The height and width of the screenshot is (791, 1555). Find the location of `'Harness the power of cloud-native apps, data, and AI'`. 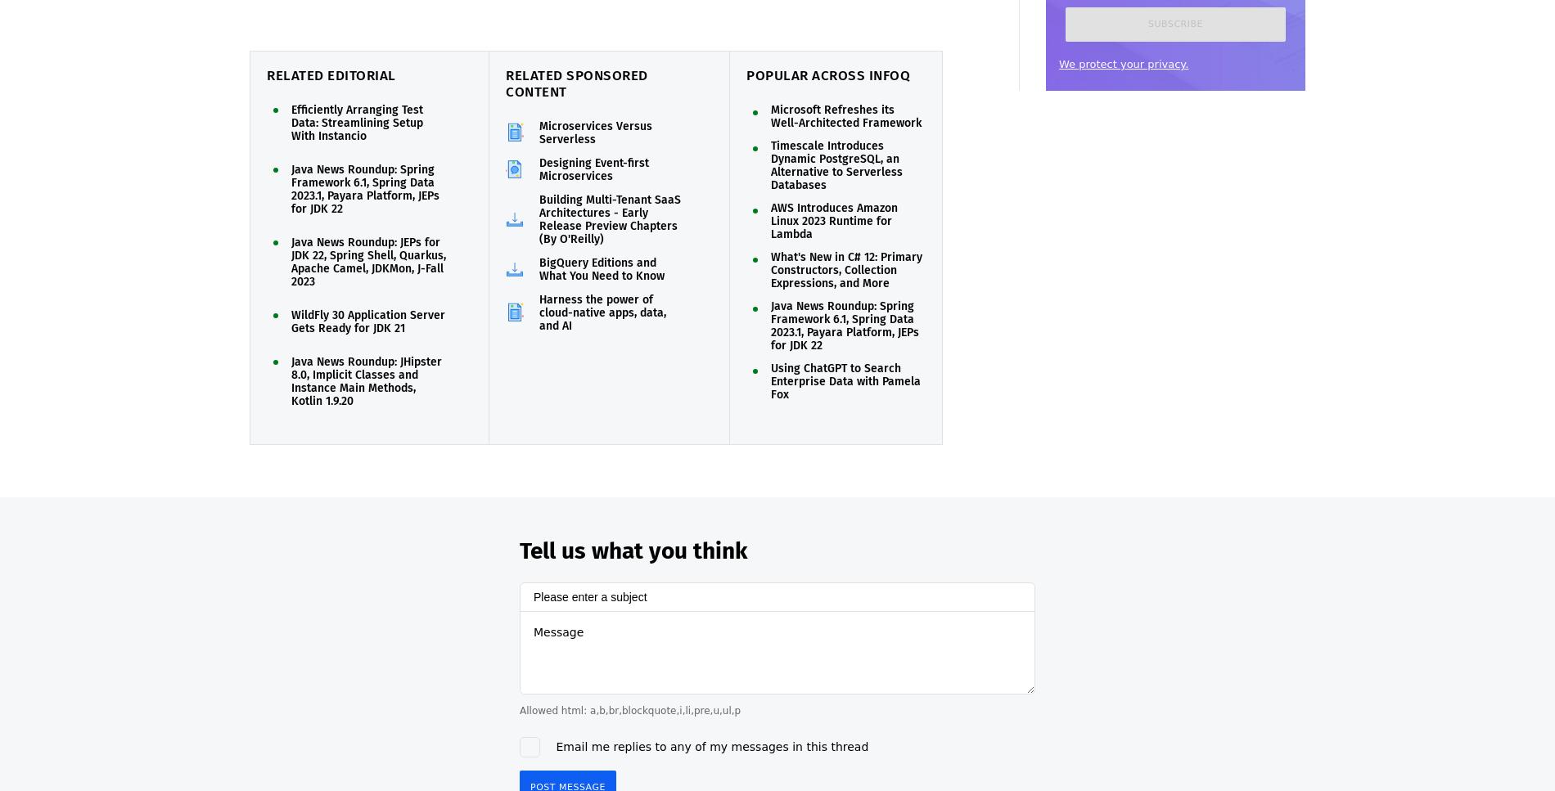

'Harness the power of cloud-native apps, data, and AI' is located at coordinates (602, 312).